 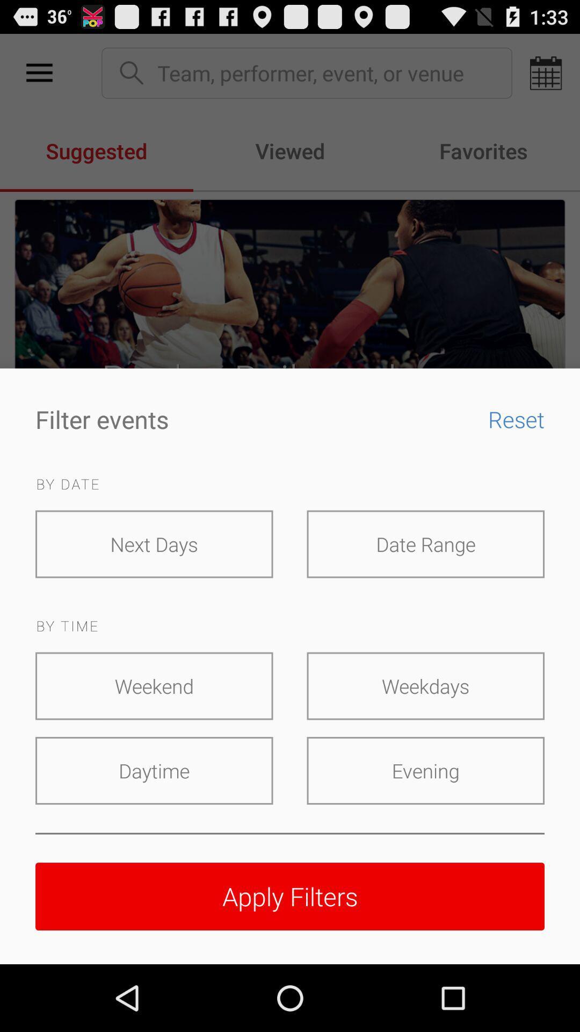 I want to click on date range item, so click(x=425, y=544).